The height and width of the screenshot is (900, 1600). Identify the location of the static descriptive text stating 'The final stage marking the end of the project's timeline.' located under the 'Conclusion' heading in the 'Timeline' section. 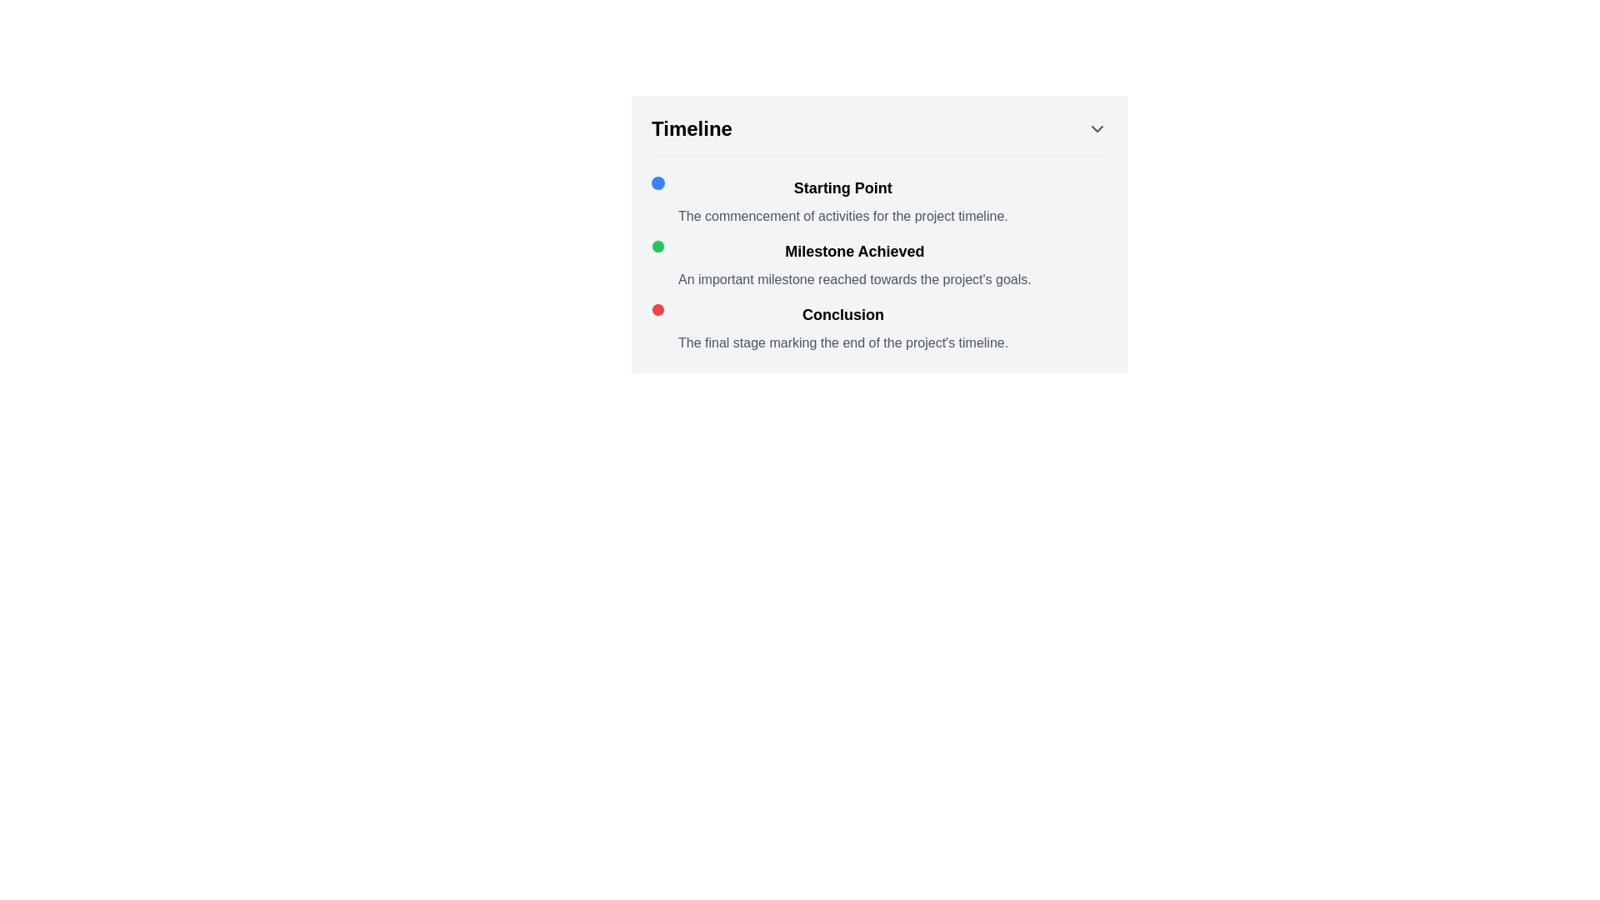
(843, 342).